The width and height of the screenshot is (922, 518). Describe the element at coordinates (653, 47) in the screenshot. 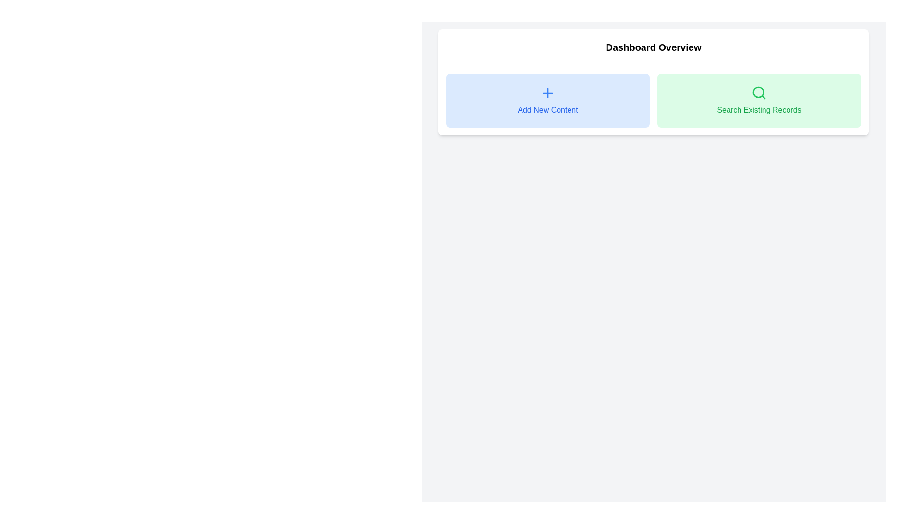

I see `the Header Text element located at the top-center of the dashboard interface, which serves as the title indicating the content below` at that location.